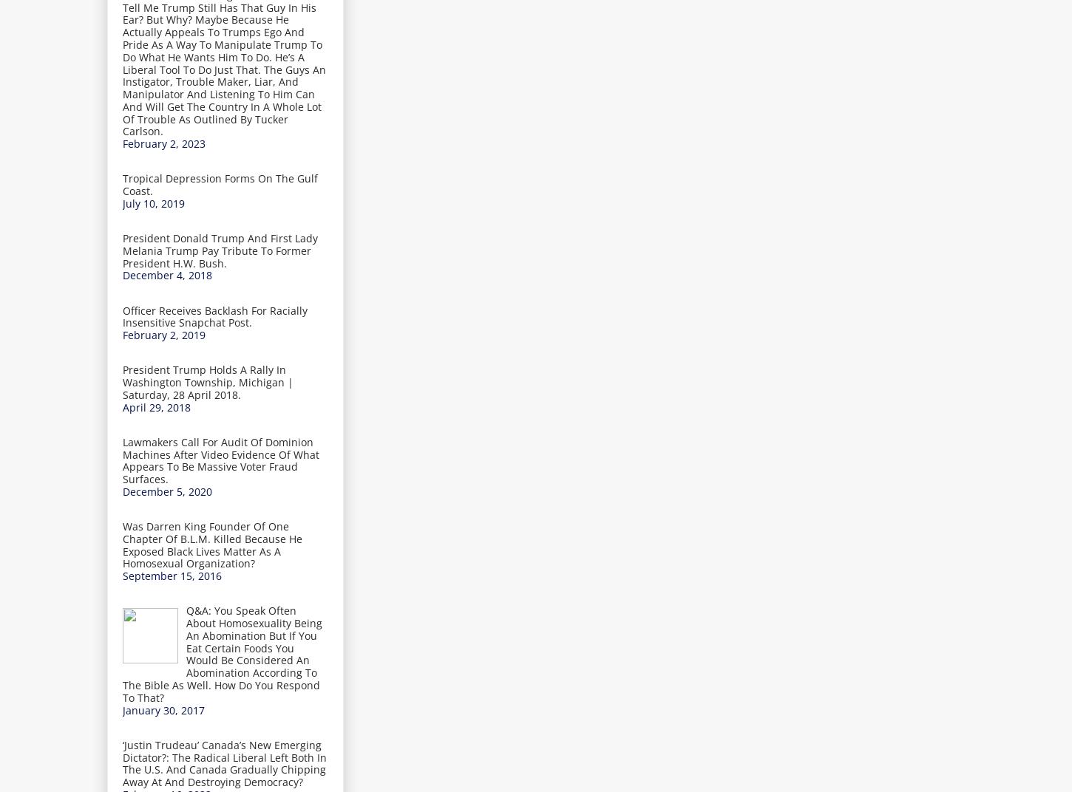  I want to click on 'April 29, 2018', so click(155, 406).